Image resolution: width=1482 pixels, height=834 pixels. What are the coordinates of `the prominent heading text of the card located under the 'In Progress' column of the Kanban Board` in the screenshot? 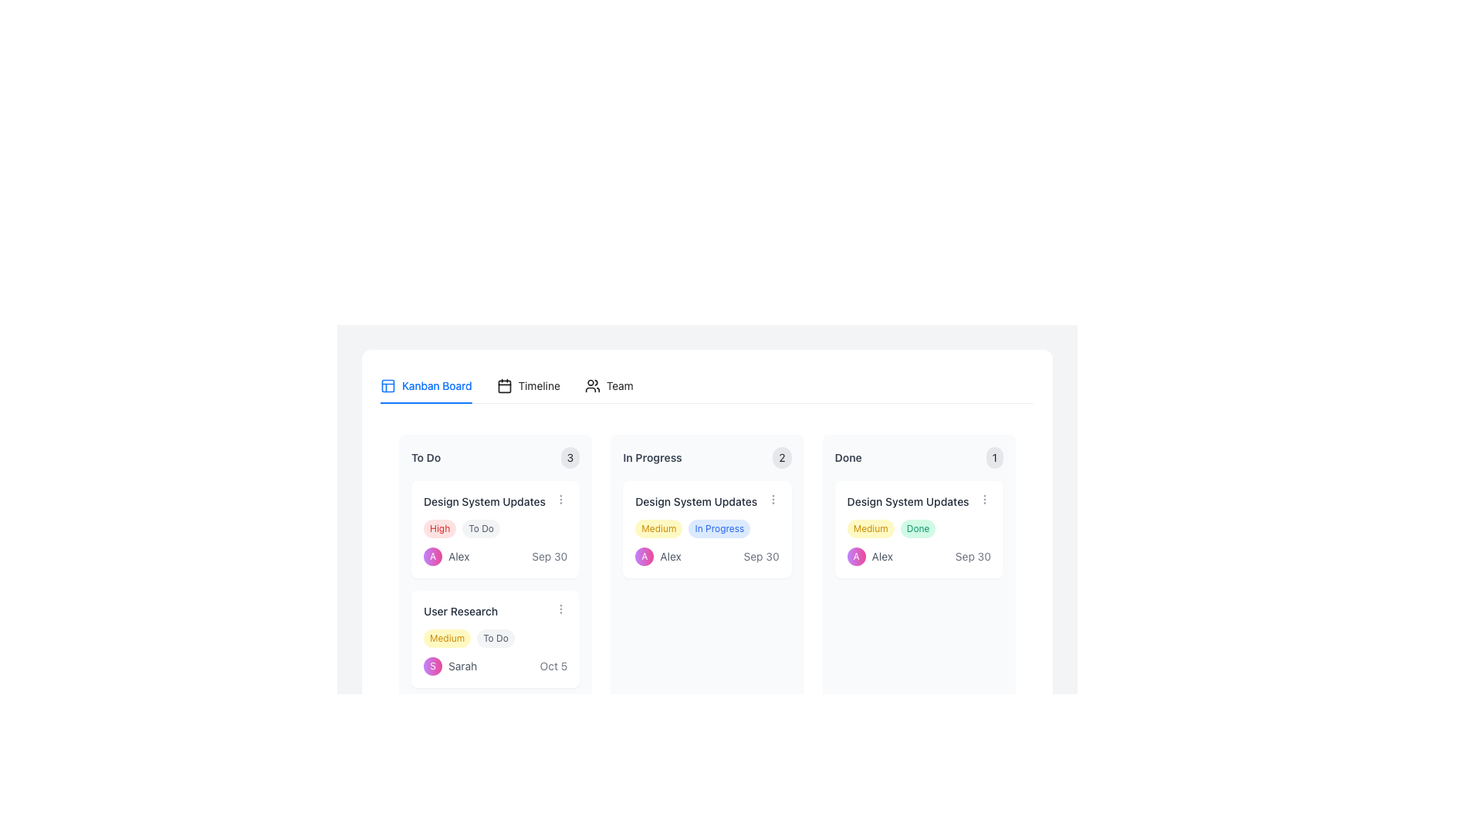 It's located at (706, 502).